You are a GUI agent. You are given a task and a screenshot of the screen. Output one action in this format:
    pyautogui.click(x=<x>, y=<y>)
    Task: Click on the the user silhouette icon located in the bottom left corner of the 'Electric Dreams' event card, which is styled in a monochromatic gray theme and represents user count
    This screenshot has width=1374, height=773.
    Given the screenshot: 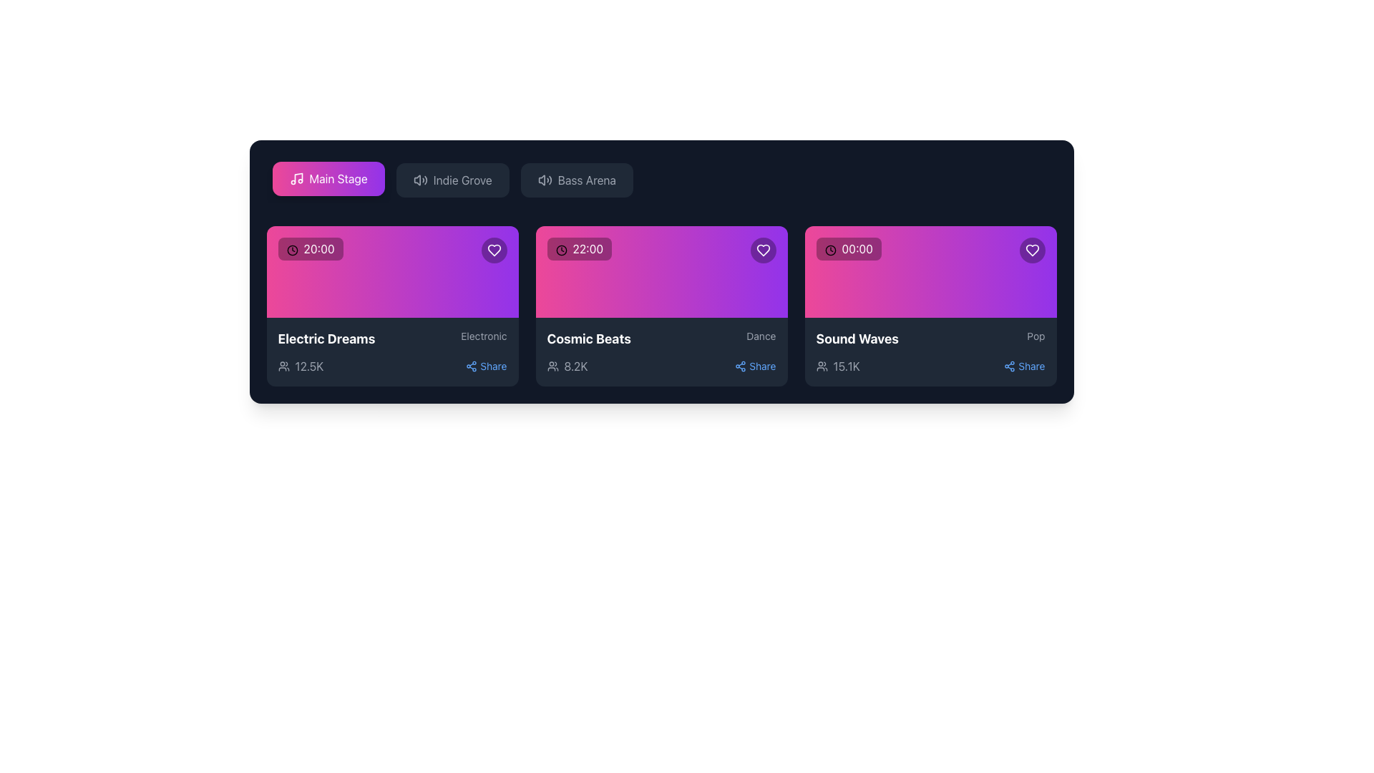 What is the action you would take?
    pyautogui.click(x=283, y=366)
    